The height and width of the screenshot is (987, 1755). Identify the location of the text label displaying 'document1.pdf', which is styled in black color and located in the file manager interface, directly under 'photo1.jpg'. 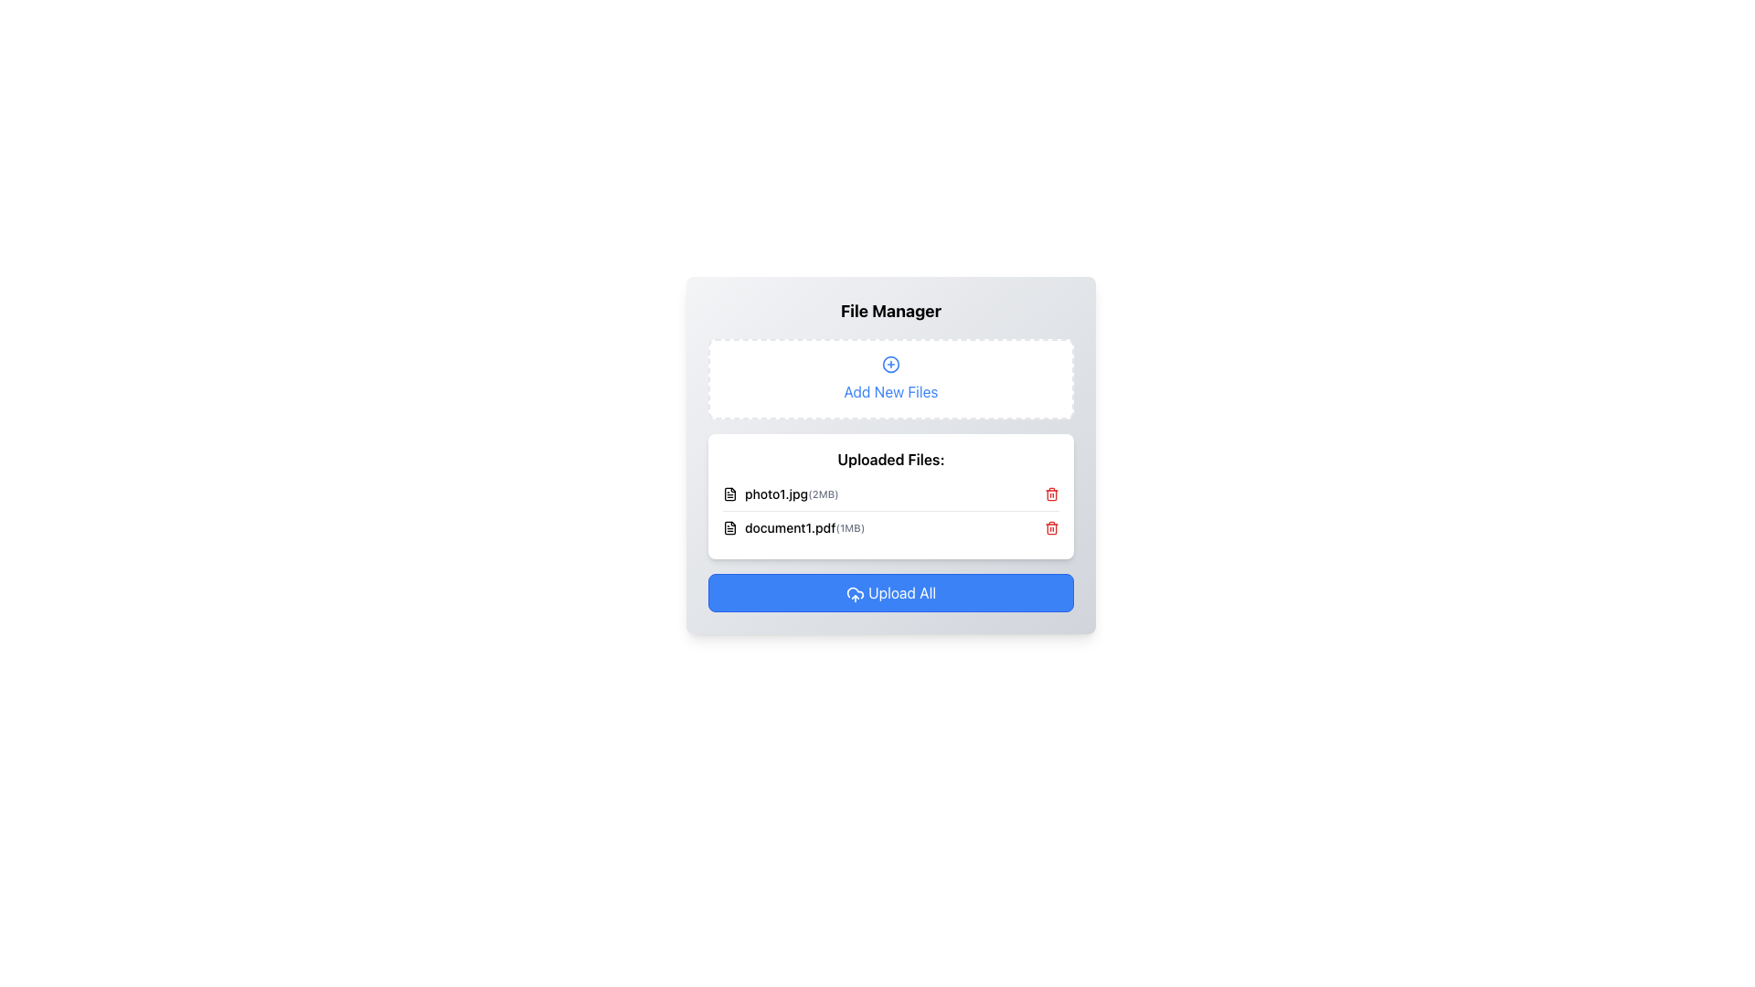
(790, 528).